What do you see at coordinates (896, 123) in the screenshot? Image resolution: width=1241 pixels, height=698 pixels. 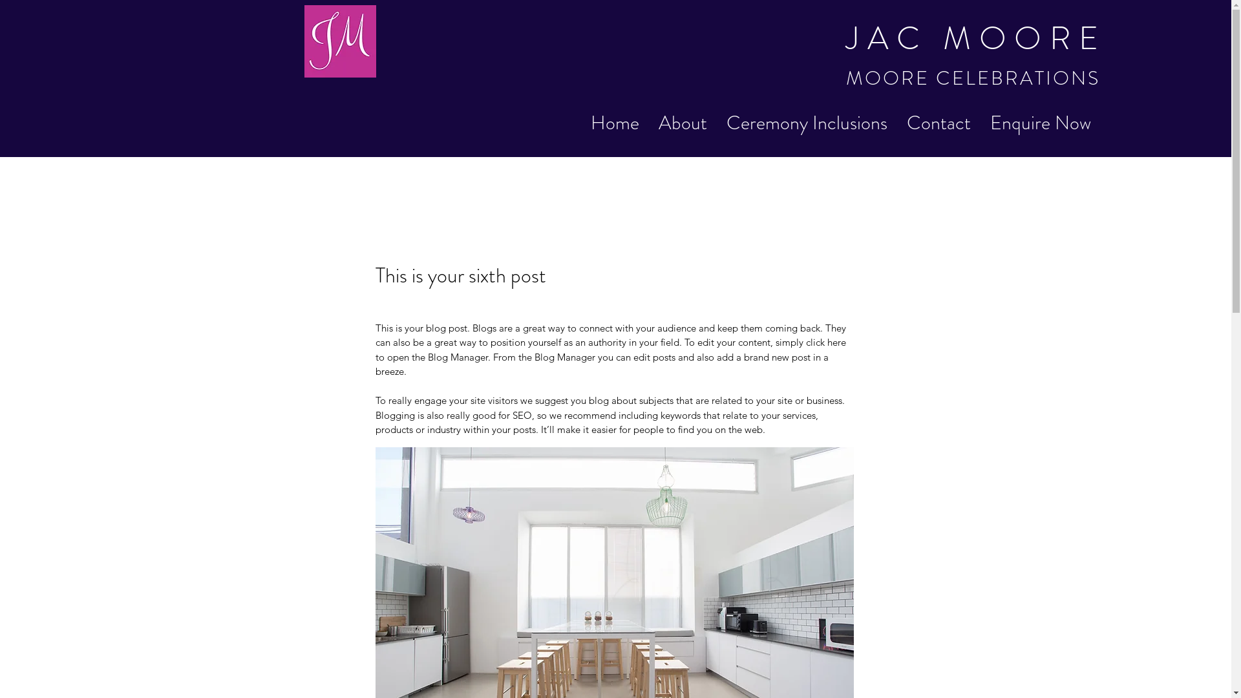 I see `'Contact'` at bounding box center [896, 123].